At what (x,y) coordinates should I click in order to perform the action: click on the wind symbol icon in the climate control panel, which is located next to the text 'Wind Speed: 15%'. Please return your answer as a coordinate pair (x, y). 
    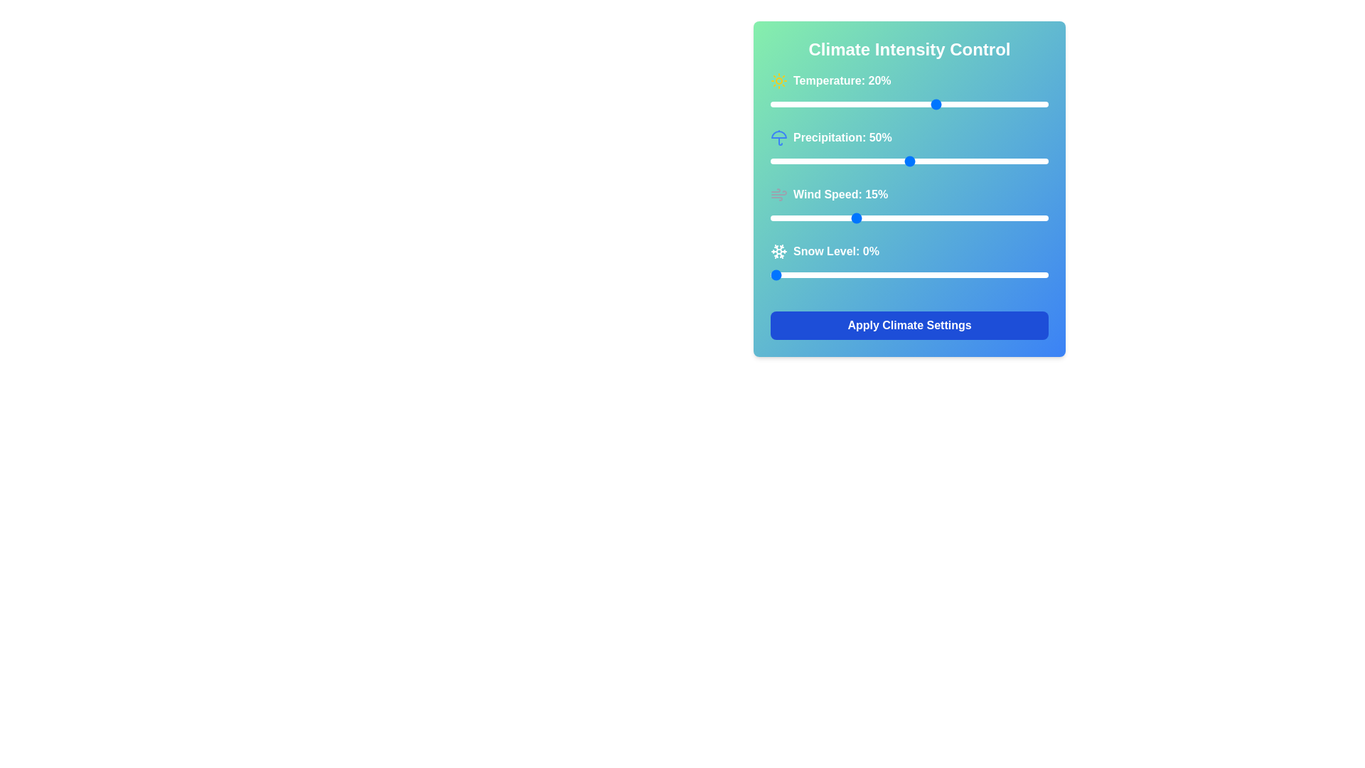
    Looking at the image, I should click on (778, 194).